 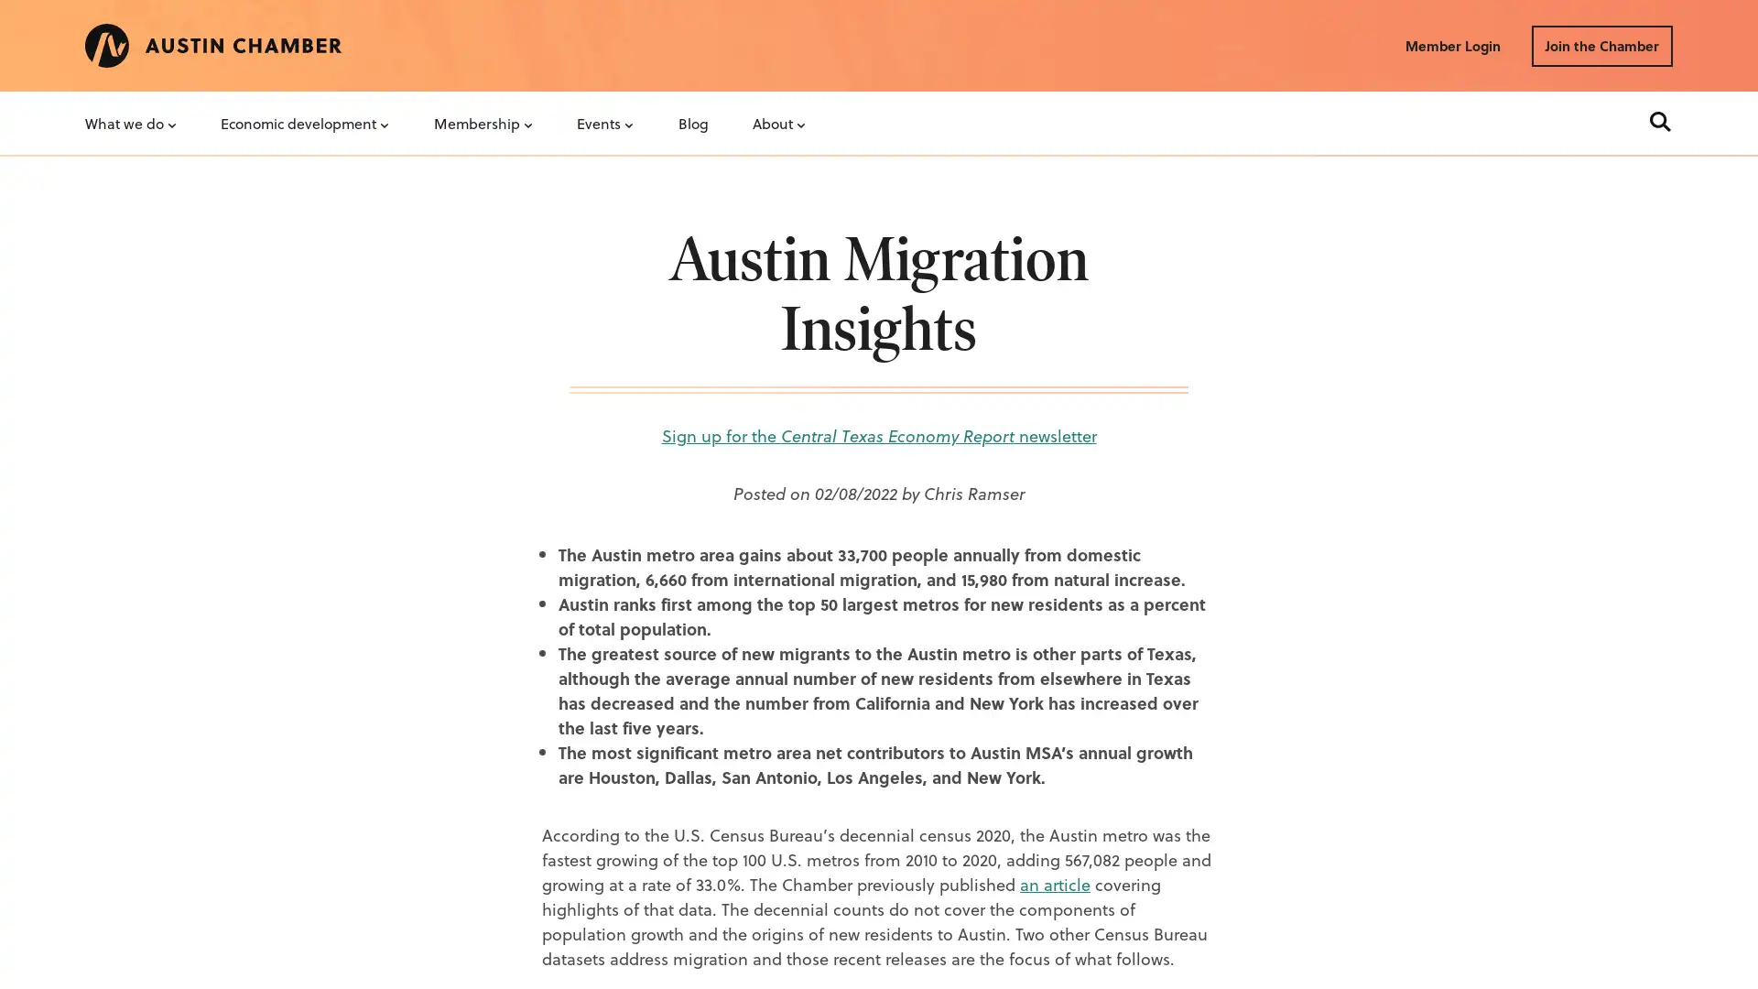 I want to click on Search, so click(x=1660, y=123).